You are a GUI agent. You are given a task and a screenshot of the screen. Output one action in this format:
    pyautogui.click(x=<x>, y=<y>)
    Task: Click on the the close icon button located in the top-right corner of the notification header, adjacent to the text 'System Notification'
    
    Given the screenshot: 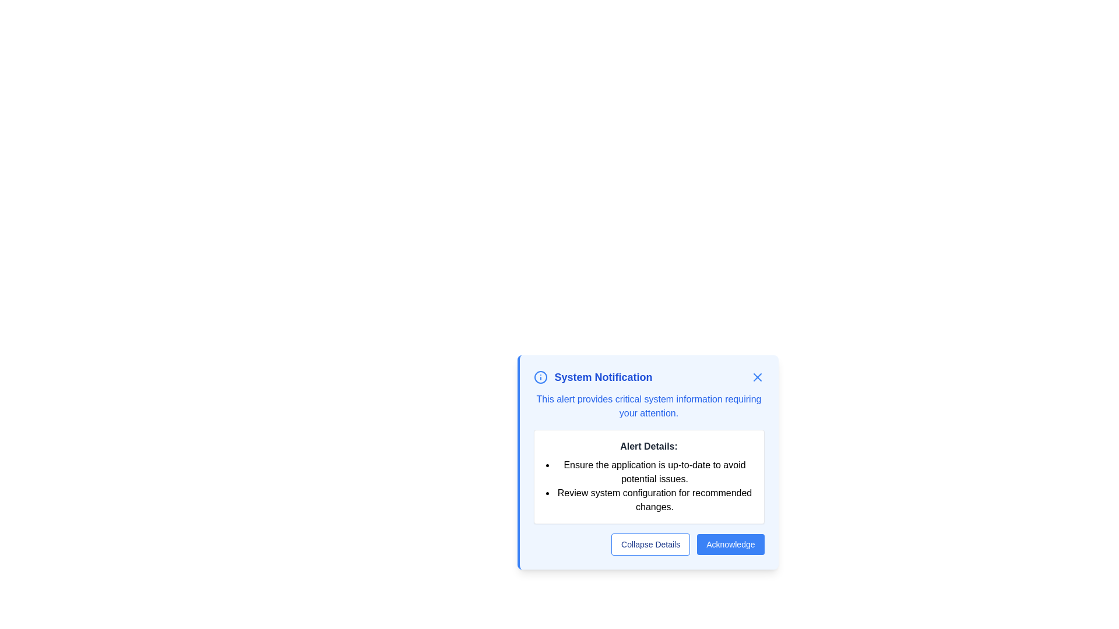 What is the action you would take?
    pyautogui.click(x=757, y=377)
    